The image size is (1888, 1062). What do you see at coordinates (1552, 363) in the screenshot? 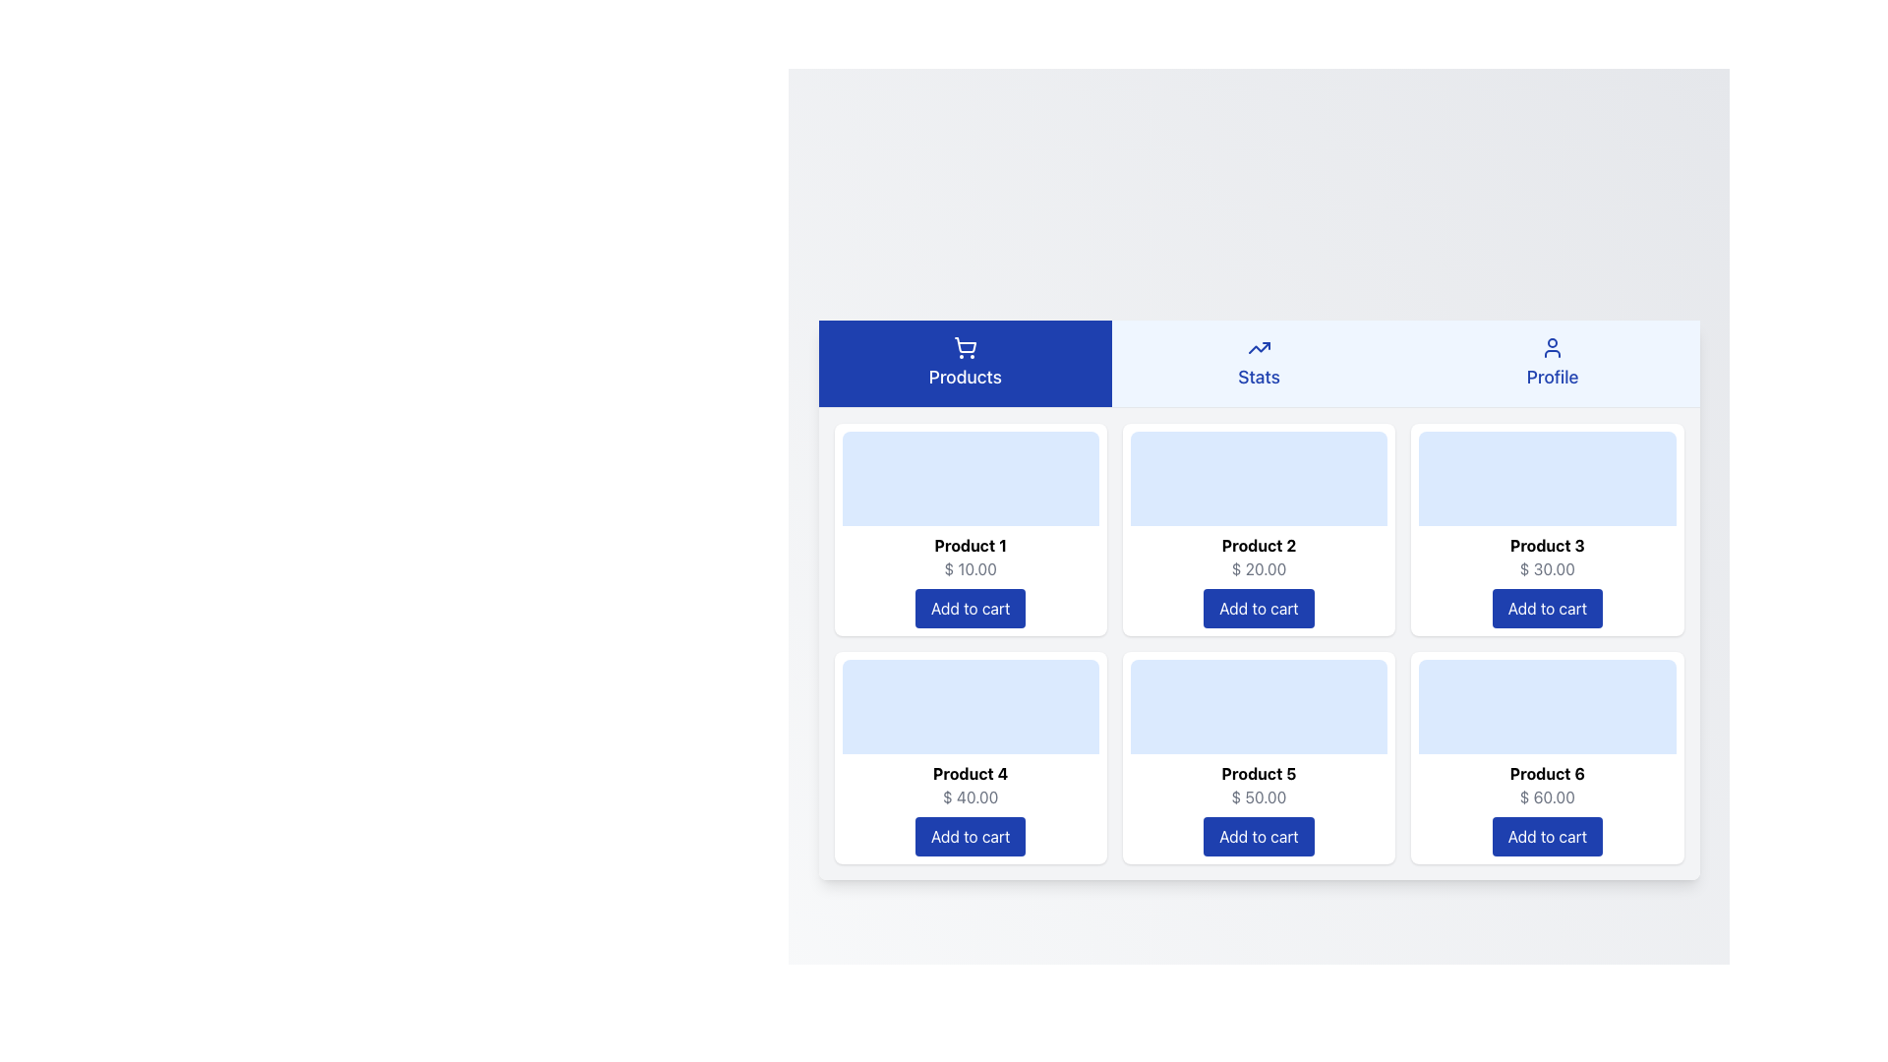
I see `the 'Profile' navigation menu item, which features a blue user silhouette icon and bold blue text on a light blue background` at bounding box center [1552, 363].